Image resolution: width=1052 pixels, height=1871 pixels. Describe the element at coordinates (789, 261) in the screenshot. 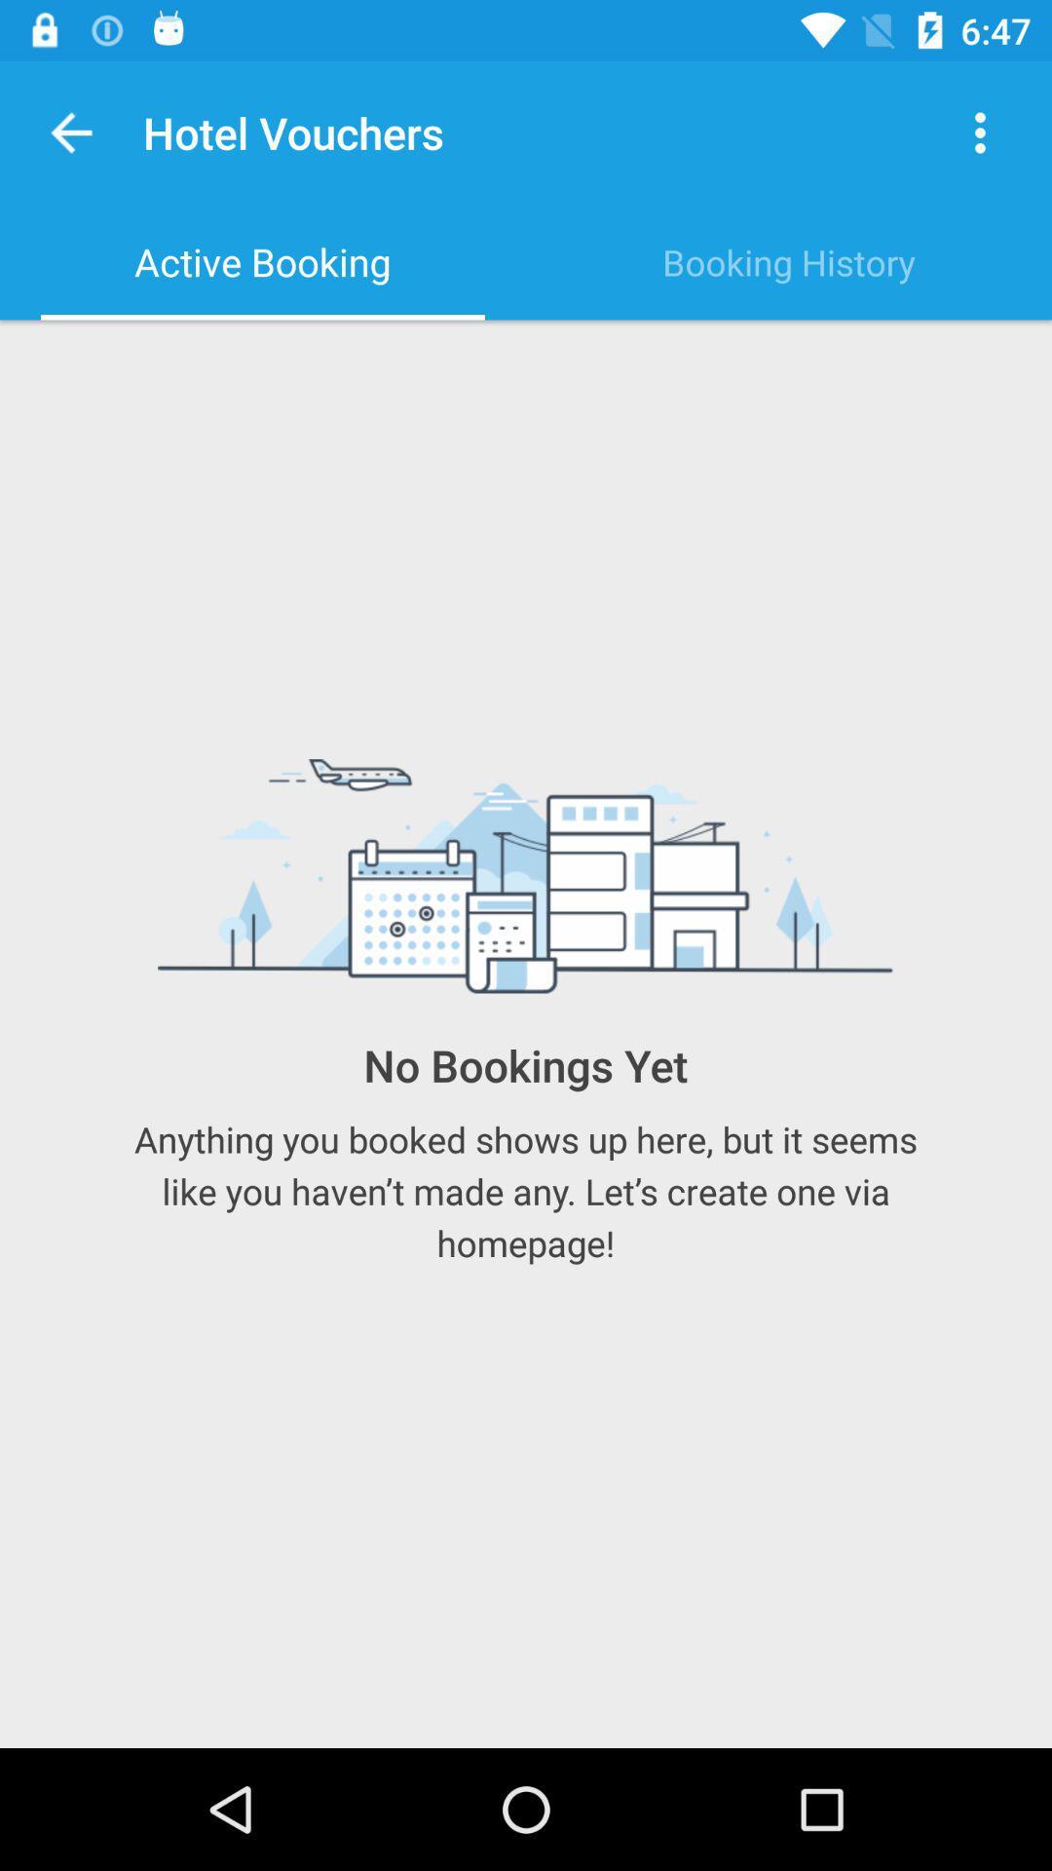

I see `booking history` at that location.